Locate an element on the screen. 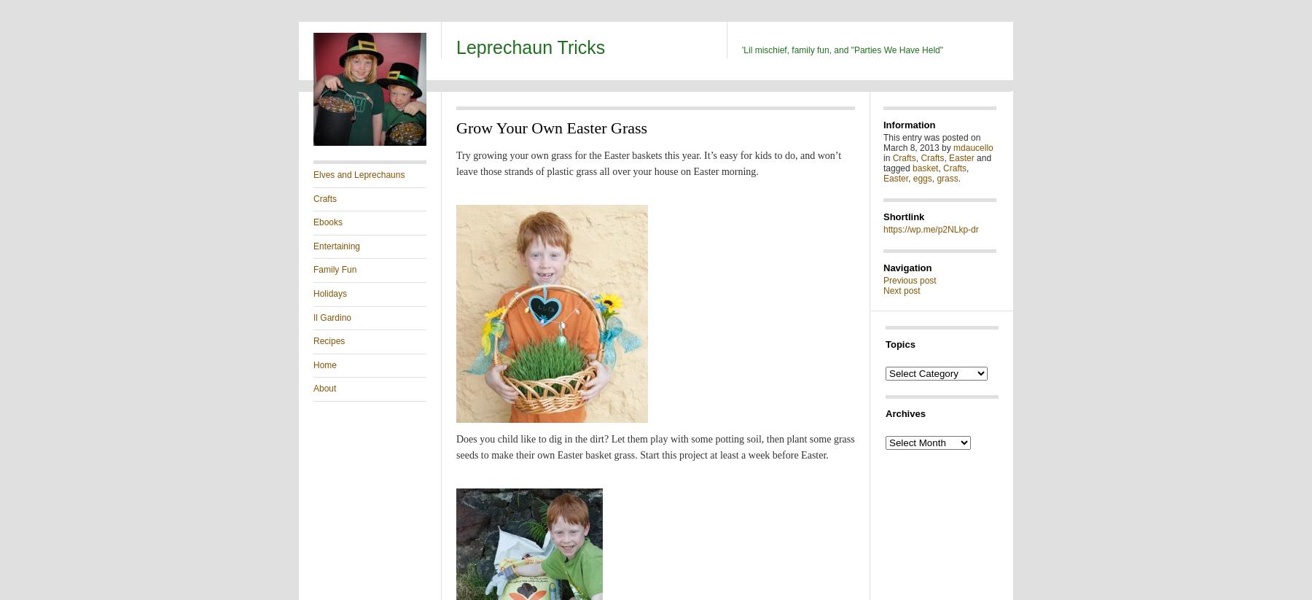 The height and width of the screenshot is (600, 1312). 'About' is located at coordinates (324, 387).